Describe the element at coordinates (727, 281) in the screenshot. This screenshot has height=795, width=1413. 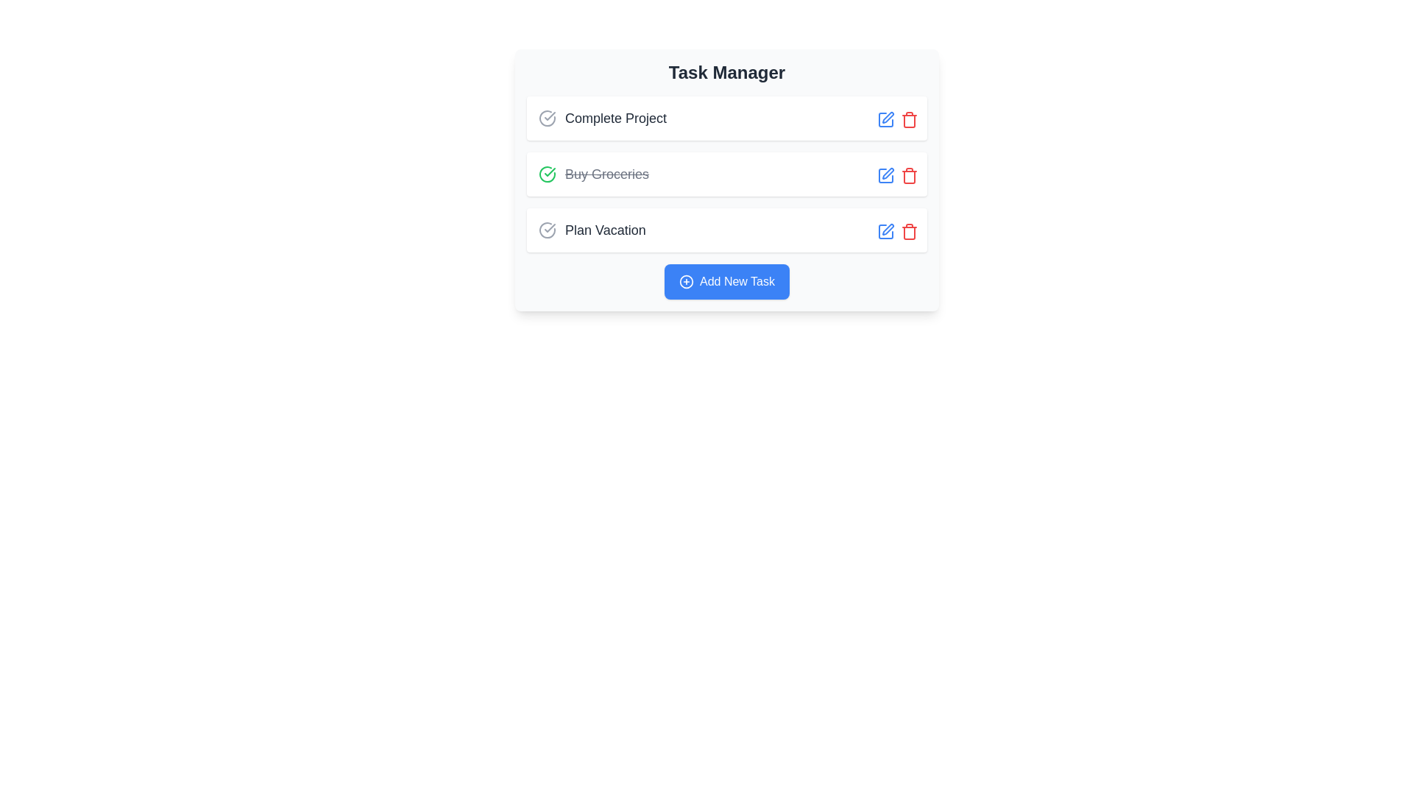
I see `the 'Add New Task' button located at the bottom of the 'Task Manager' section` at that location.